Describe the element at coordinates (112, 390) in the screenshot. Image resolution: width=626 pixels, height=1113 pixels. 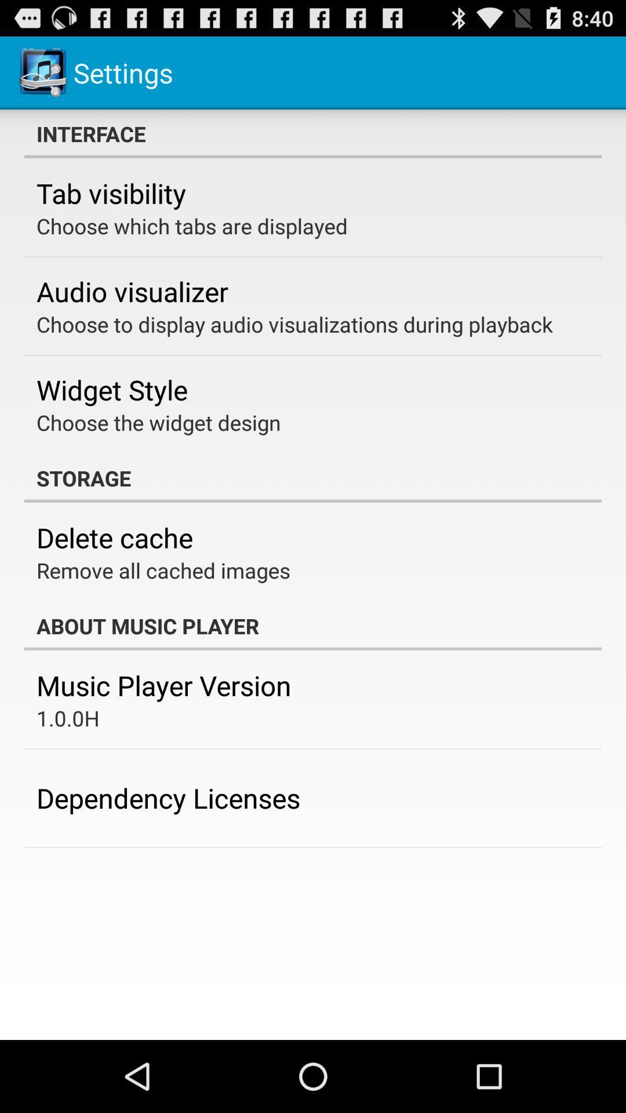
I see `item below choose to display item` at that location.